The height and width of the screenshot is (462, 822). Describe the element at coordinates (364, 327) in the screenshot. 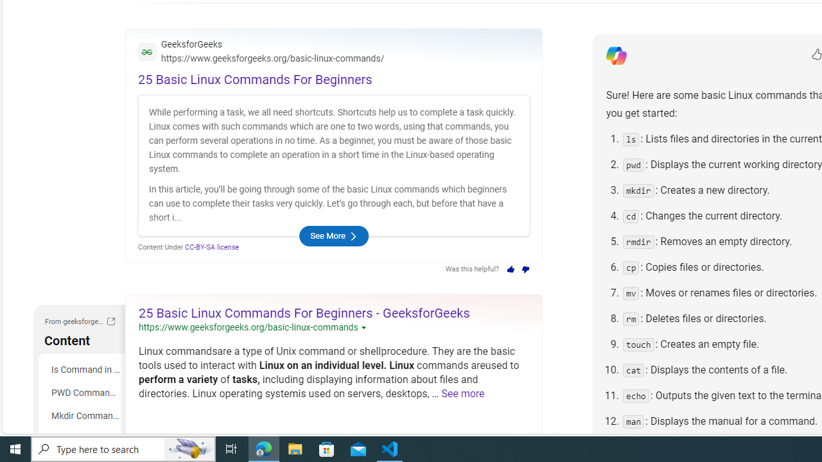

I see `'Actions for this site'` at that location.